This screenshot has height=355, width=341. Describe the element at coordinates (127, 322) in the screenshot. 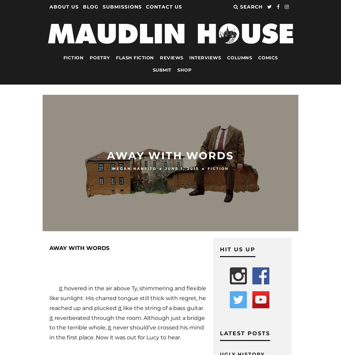

I see `'reverberated through the room. Although just a bridge to the terrible whole,'` at that location.